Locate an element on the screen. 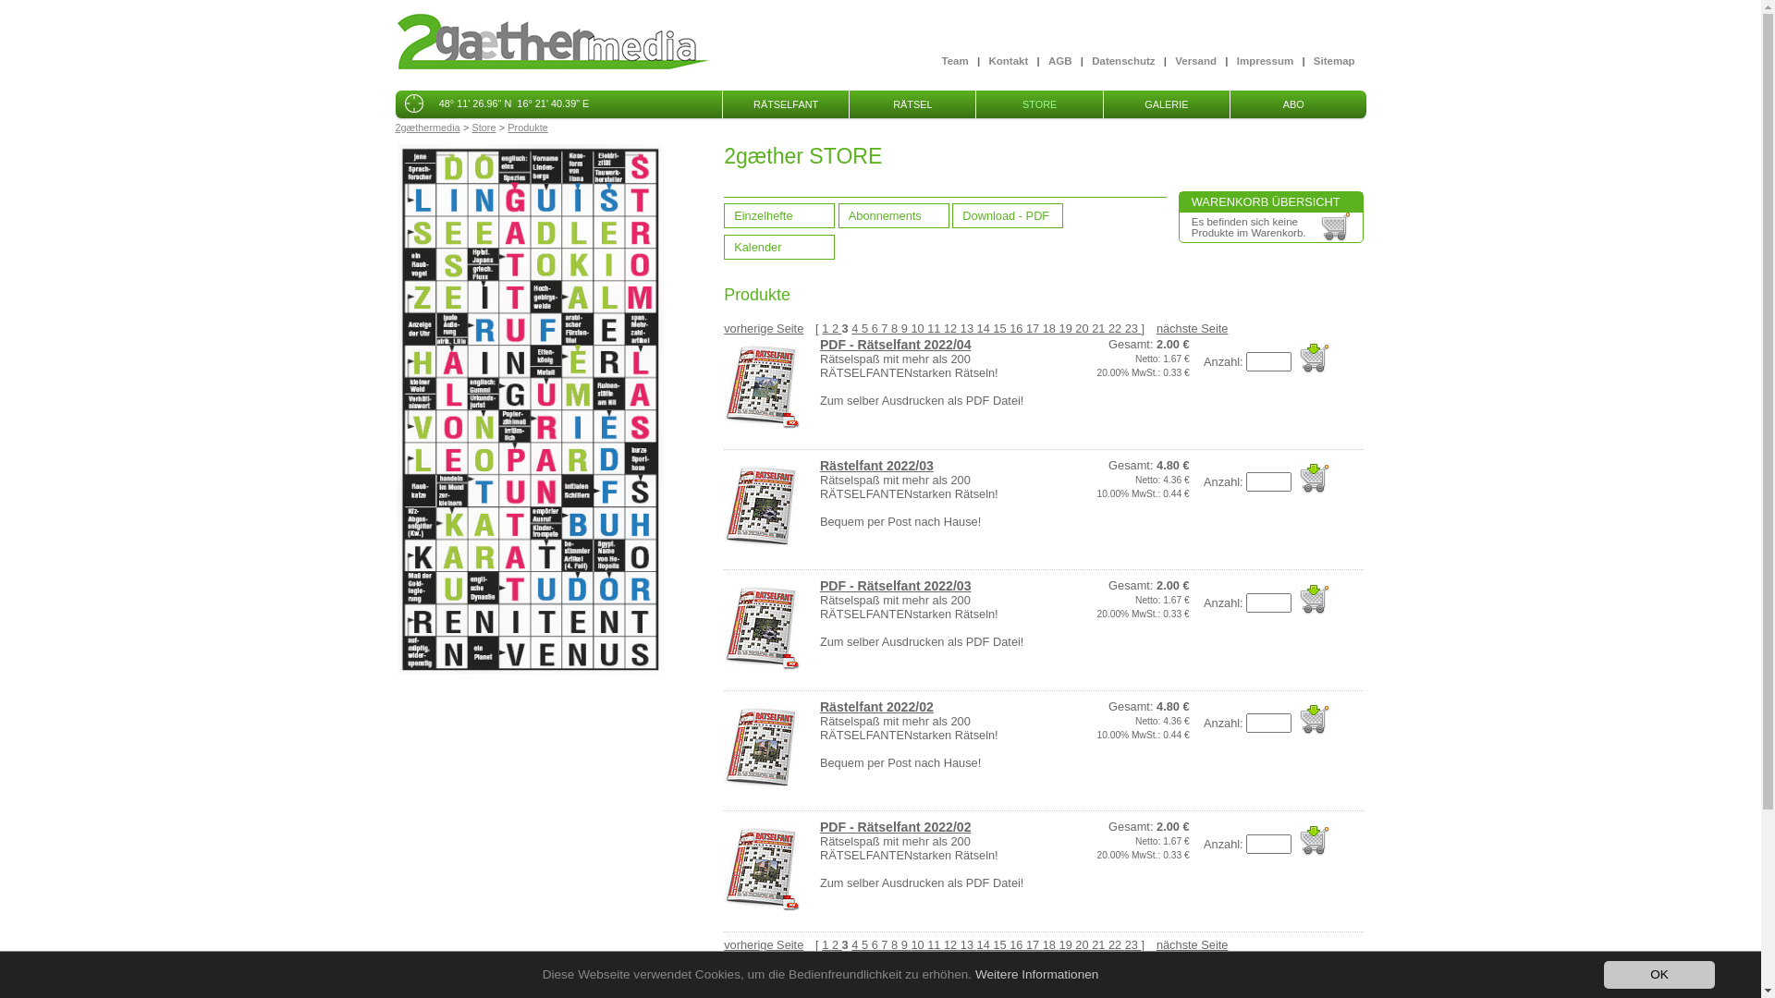 The image size is (1775, 998). '9' is located at coordinates (906, 327).